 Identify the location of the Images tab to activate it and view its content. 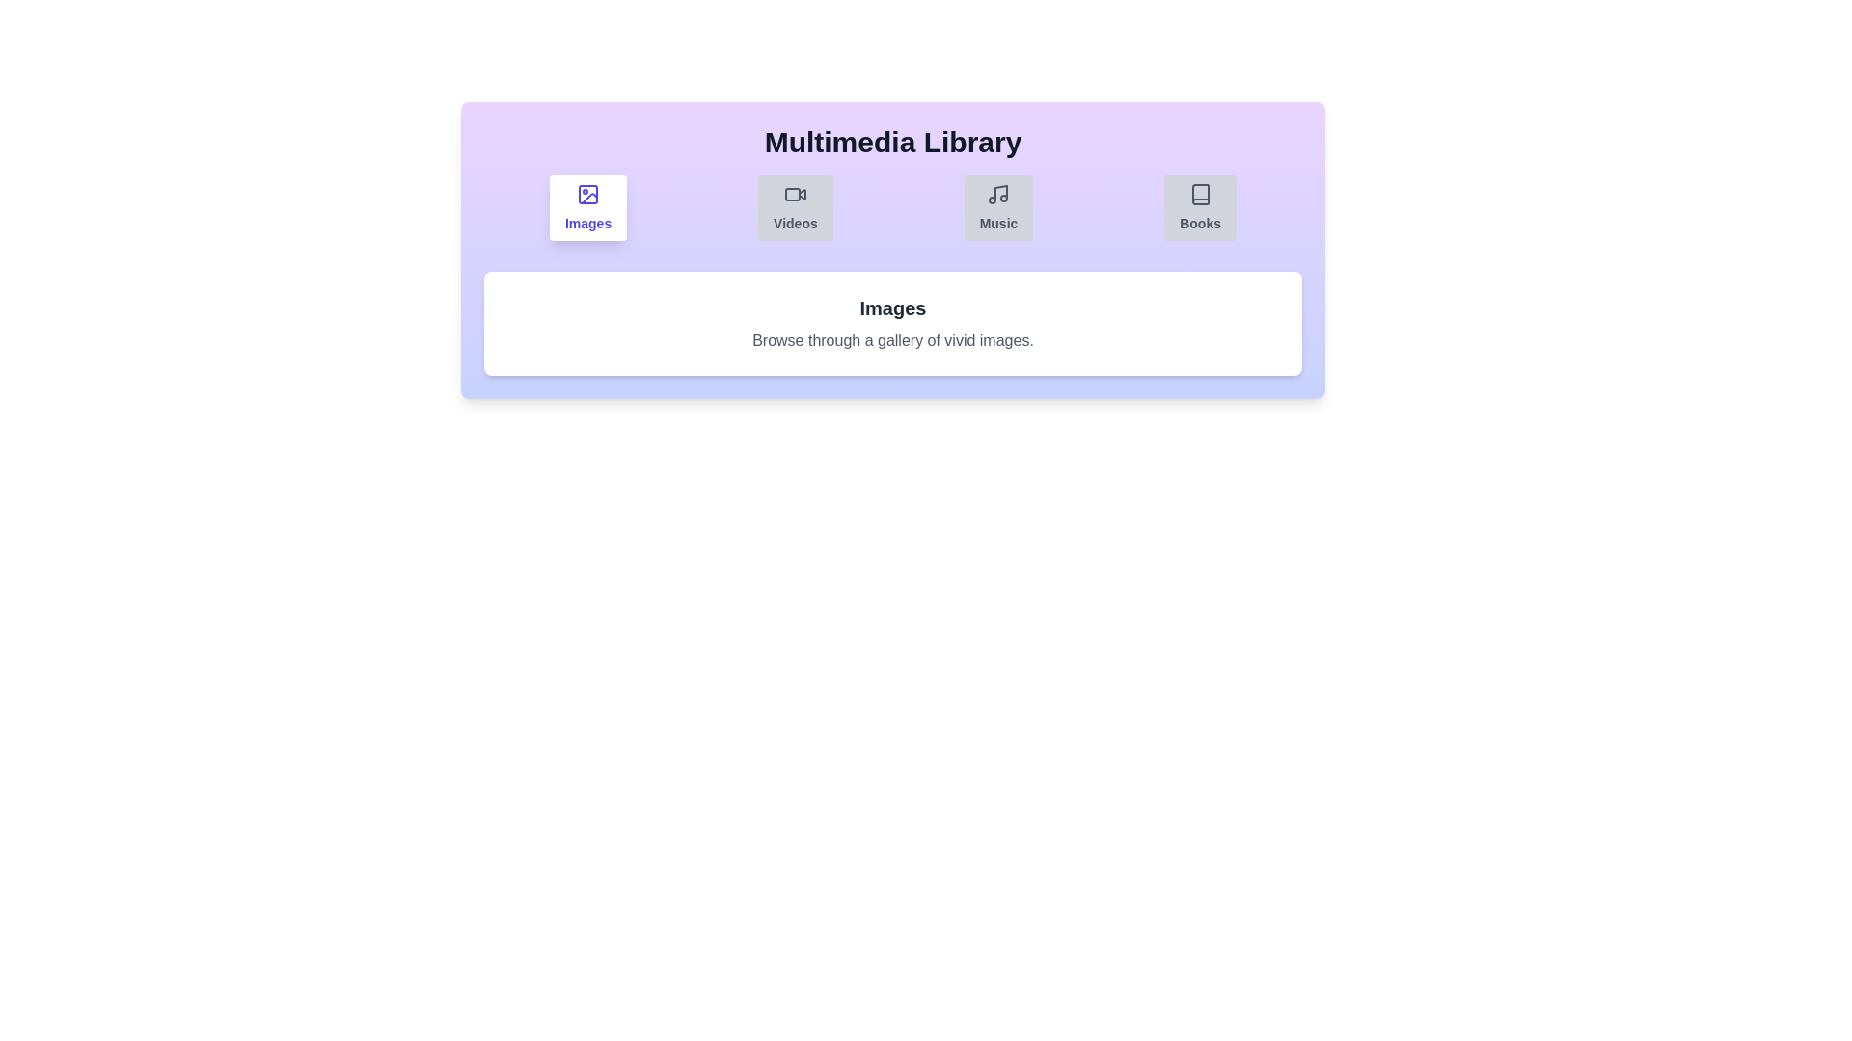
(586, 208).